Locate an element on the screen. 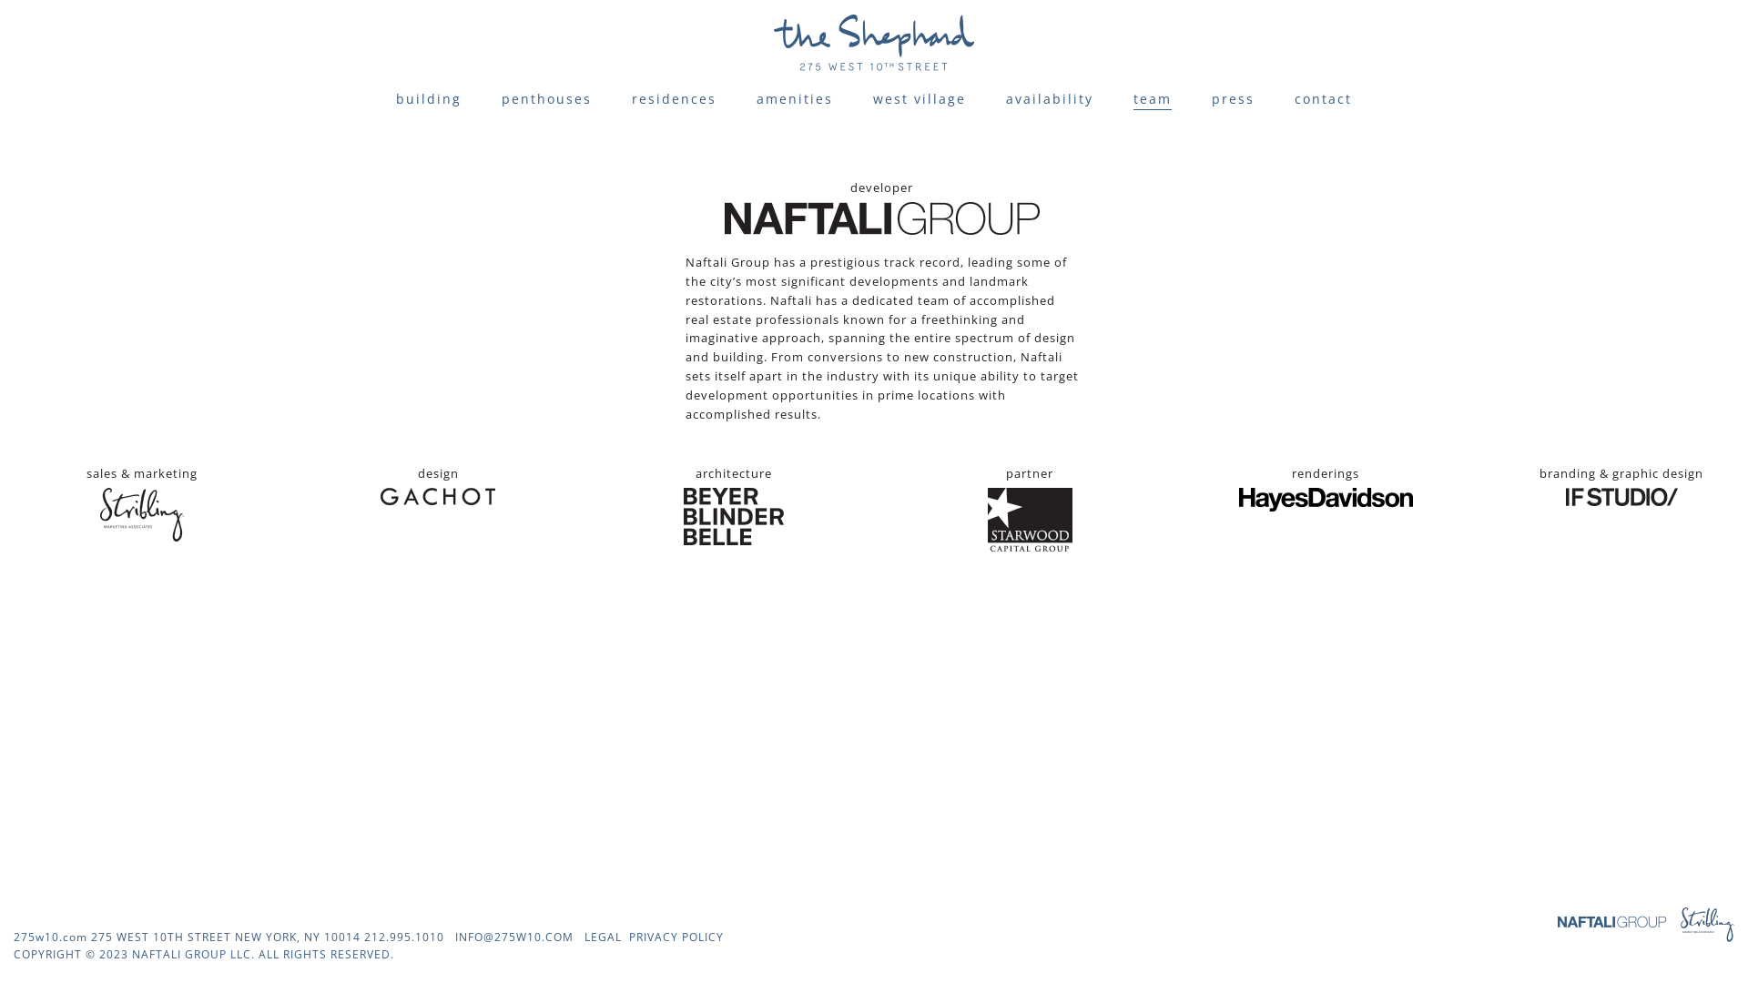 The width and height of the screenshot is (1748, 983). 'press' is located at coordinates (1233, 98).